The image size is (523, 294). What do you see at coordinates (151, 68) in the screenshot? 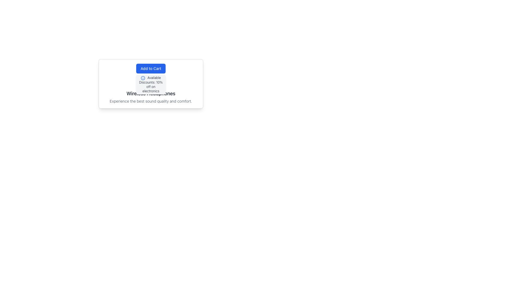
I see `the button that adds the corresponding product to the shopping cart` at bounding box center [151, 68].